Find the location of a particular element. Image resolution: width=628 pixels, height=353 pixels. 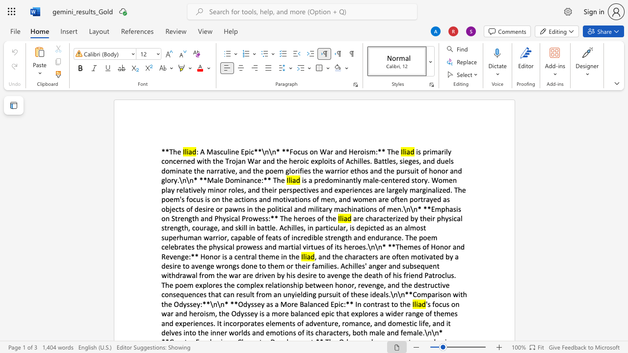

the 5th character "*" in the text is located at coordinates (287, 151).